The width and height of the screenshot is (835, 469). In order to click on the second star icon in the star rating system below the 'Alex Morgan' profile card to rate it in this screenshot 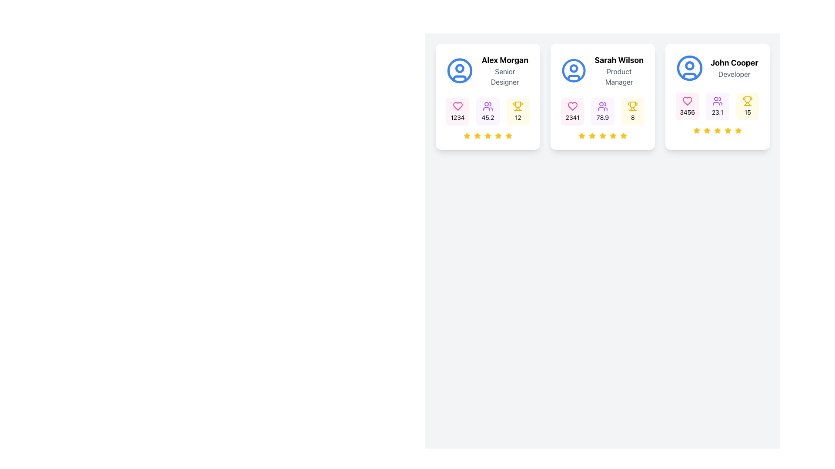, I will do `click(477, 135)`.